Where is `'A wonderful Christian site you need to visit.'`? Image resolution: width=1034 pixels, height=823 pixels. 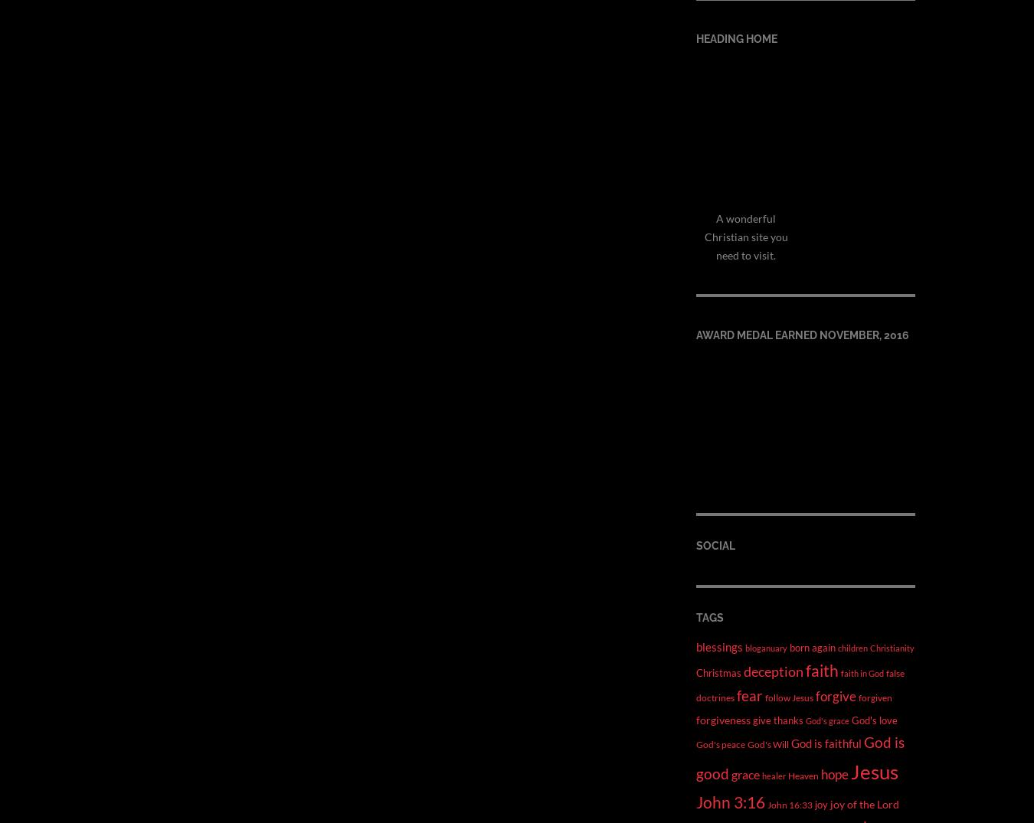 'A wonderful Christian site you need to visit.' is located at coordinates (744, 235).